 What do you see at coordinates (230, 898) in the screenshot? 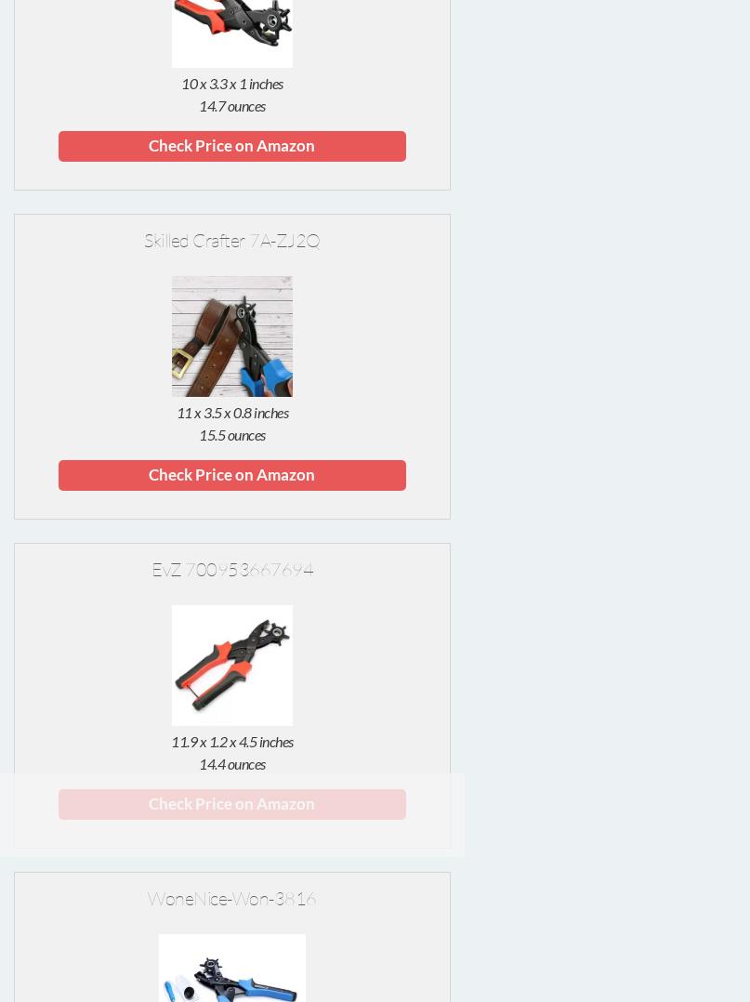
I see `'WoneNice-Won-3816'` at bounding box center [230, 898].